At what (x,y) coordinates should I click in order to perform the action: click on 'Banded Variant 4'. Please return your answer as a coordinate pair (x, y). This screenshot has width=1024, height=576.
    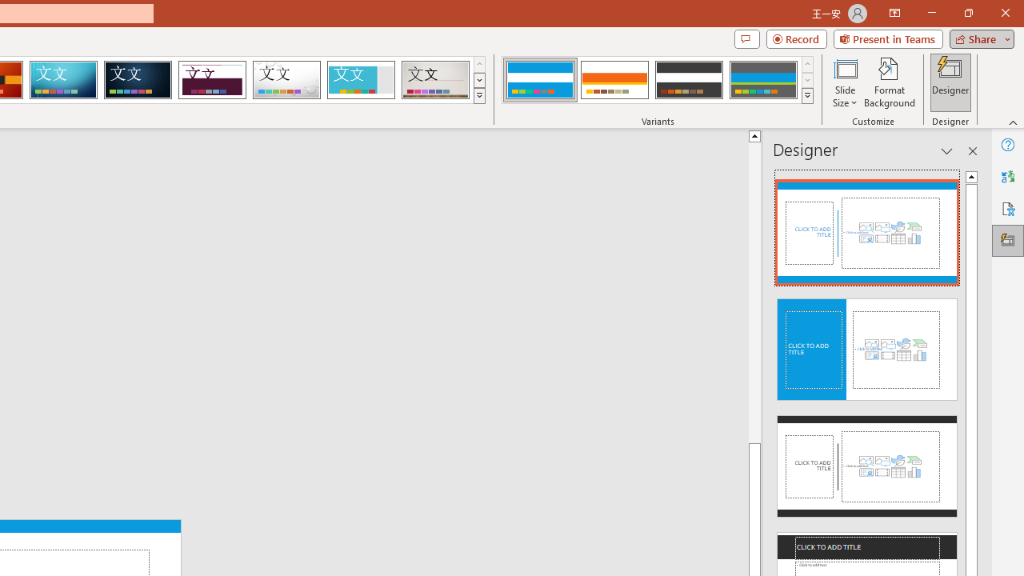
    Looking at the image, I should click on (762, 80).